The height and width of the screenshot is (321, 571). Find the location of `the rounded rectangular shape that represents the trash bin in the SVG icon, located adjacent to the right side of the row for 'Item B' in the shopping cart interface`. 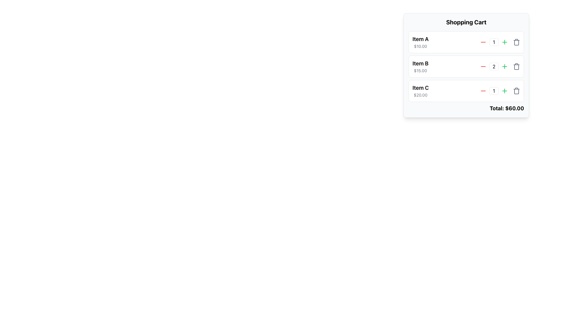

the rounded rectangular shape that represents the trash bin in the SVG icon, located adjacent to the right side of the row for 'Item B' in the shopping cart interface is located at coordinates (516, 67).